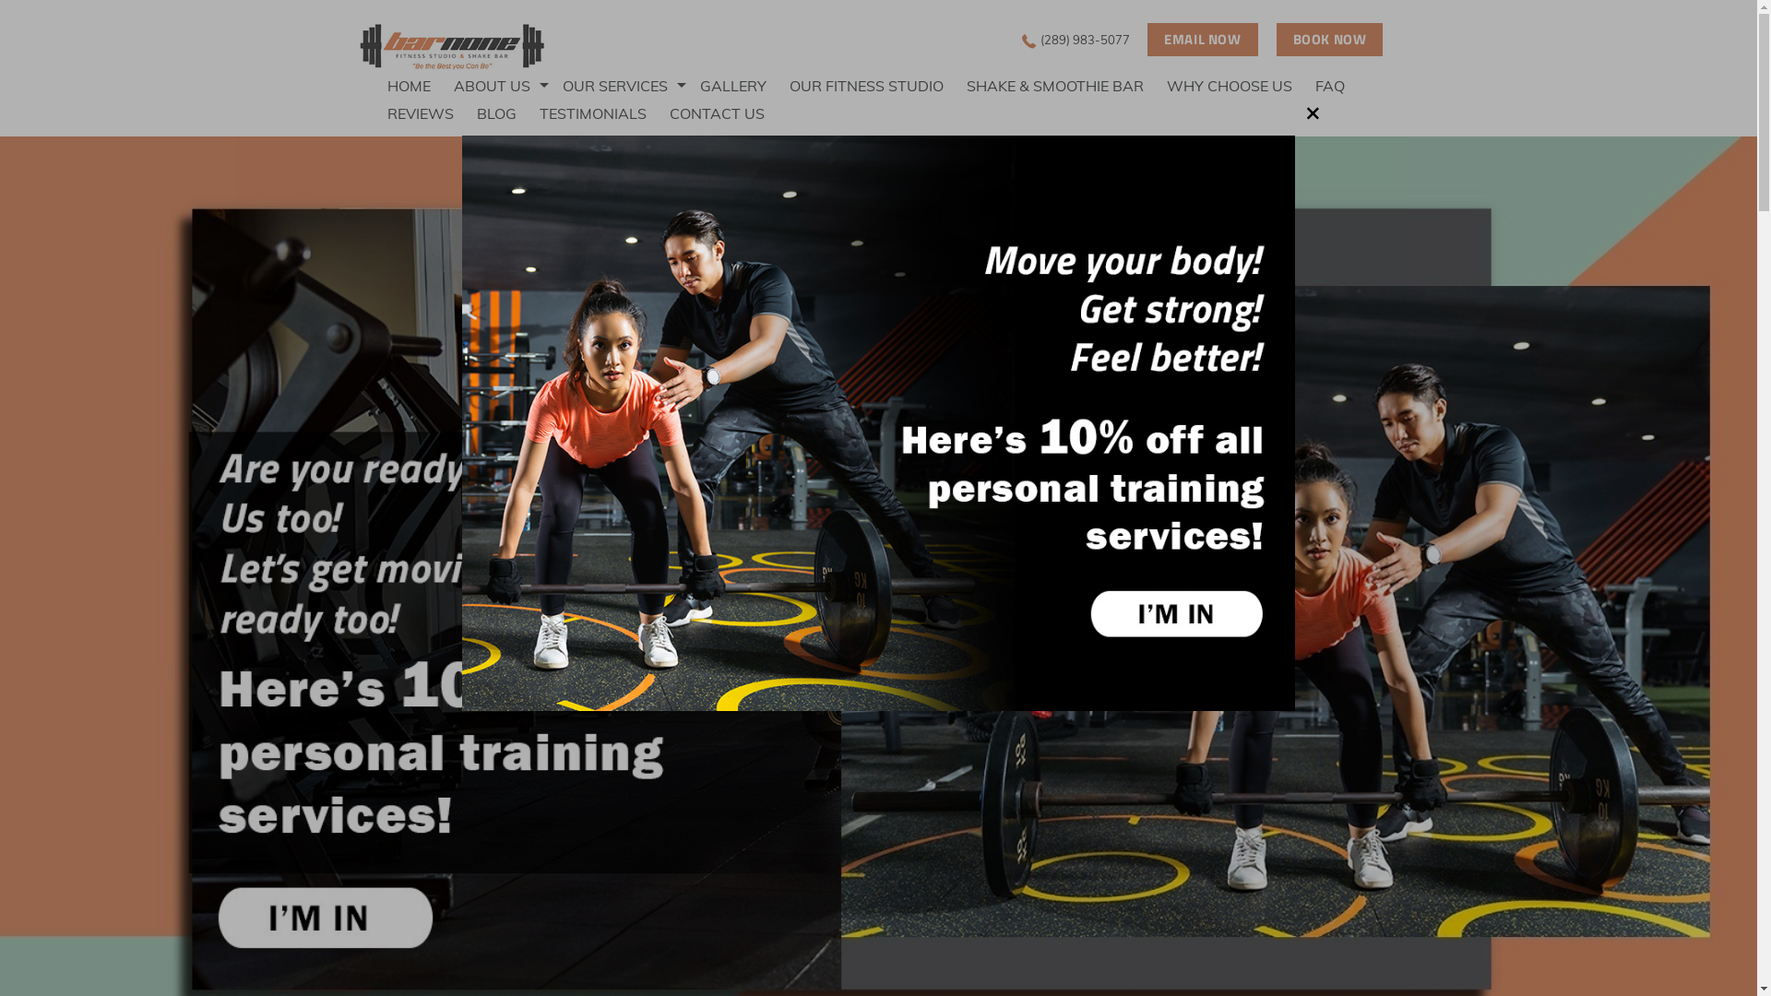  I want to click on 'TESTIMONIALS', so click(604, 113).